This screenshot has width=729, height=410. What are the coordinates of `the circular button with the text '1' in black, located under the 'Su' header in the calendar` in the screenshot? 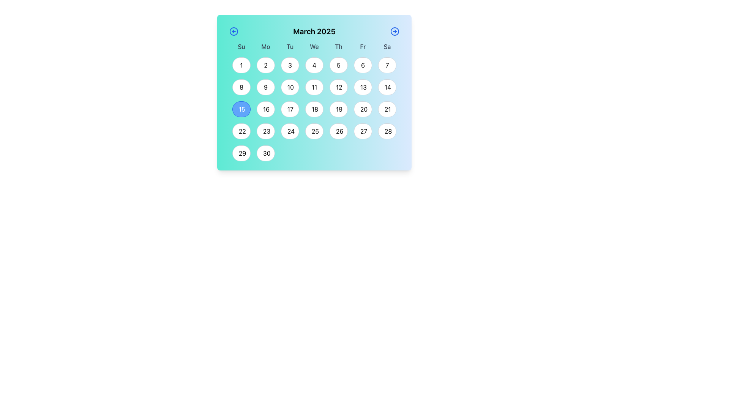 It's located at (241, 65).